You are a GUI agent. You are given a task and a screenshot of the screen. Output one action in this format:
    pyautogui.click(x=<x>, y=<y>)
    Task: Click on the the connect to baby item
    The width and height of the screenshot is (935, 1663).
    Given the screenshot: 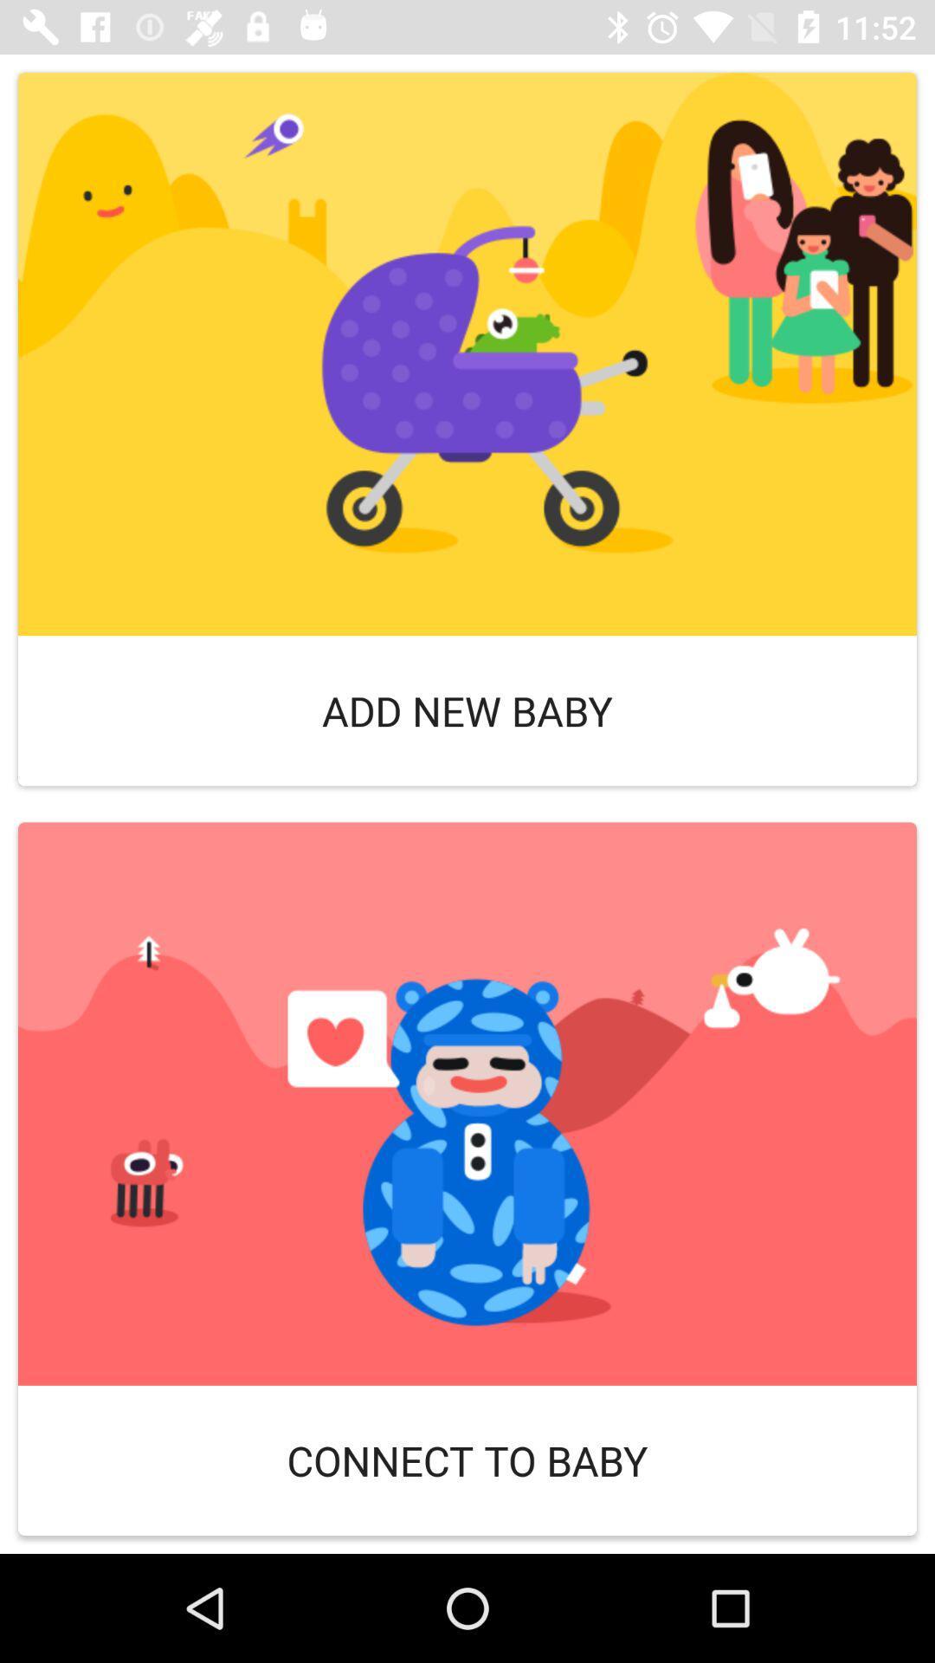 What is the action you would take?
    pyautogui.click(x=467, y=1459)
    